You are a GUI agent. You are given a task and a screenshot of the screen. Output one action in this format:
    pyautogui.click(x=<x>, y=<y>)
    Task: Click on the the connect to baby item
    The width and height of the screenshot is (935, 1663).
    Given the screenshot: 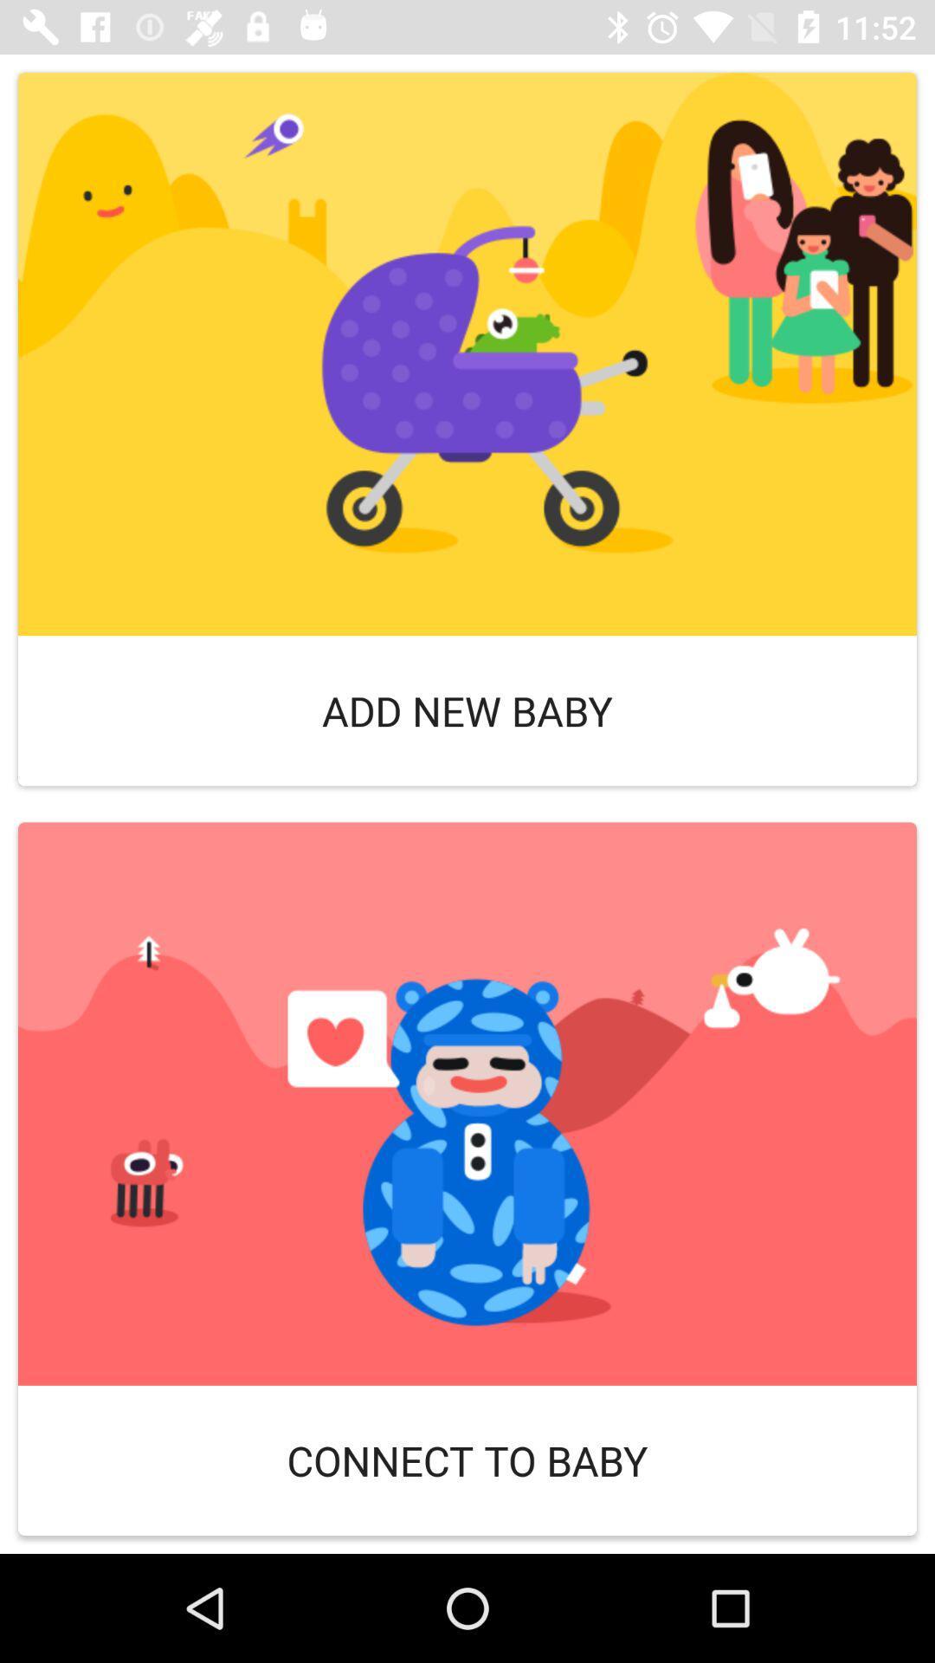 What is the action you would take?
    pyautogui.click(x=467, y=1459)
    